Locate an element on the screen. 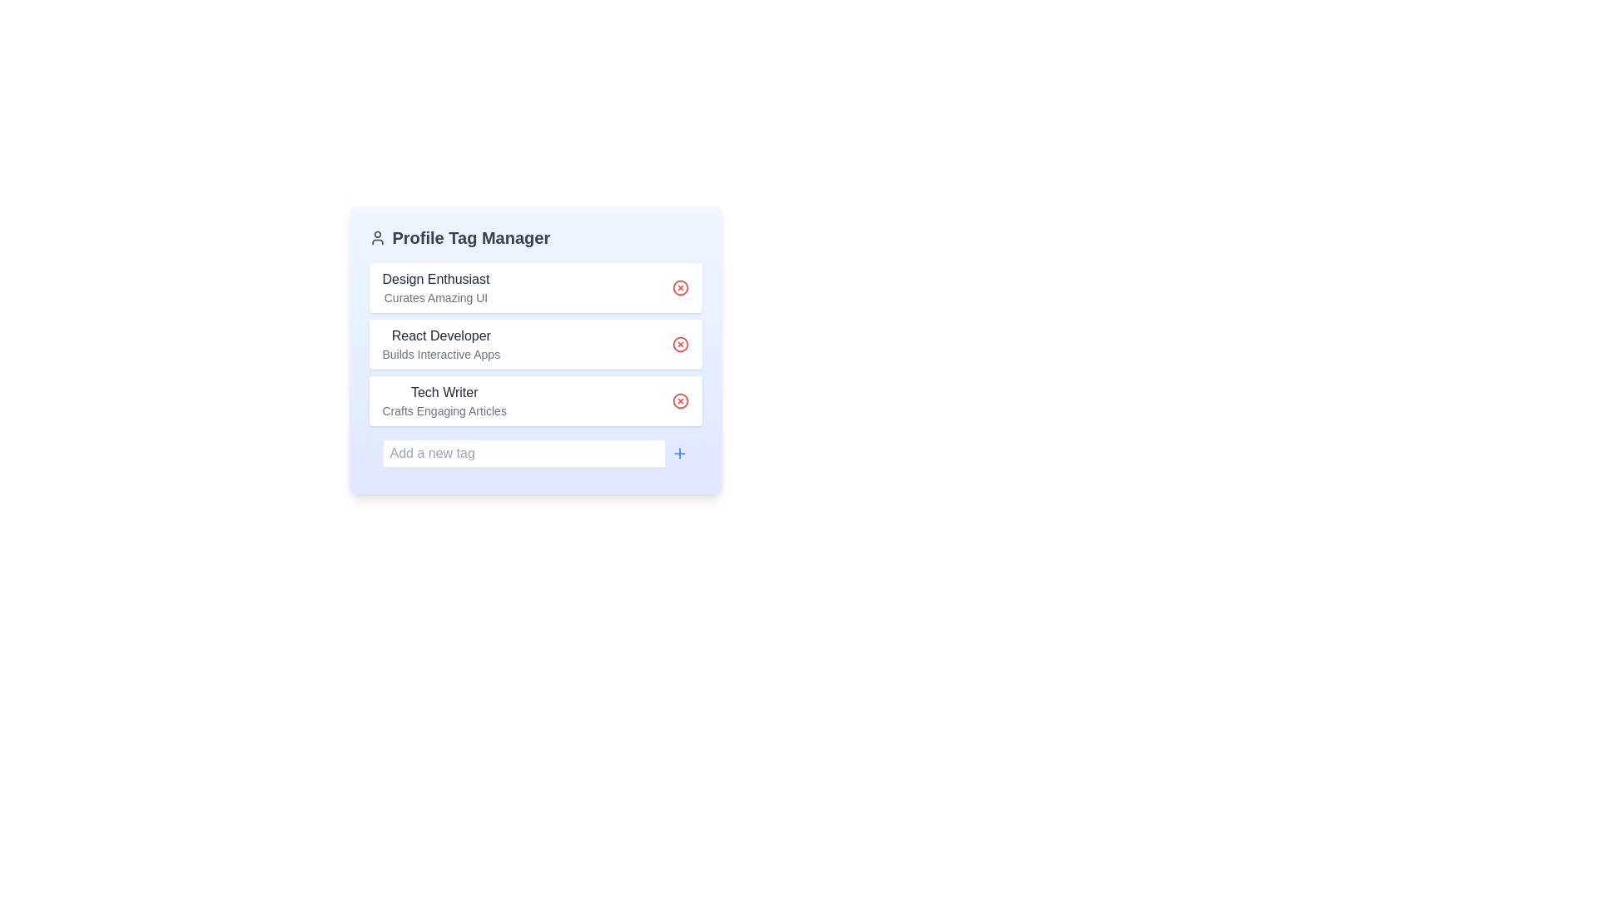 This screenshot has width=1598, height=899. the delete button for the tag named React Developer is located at coordinates (680, 343).